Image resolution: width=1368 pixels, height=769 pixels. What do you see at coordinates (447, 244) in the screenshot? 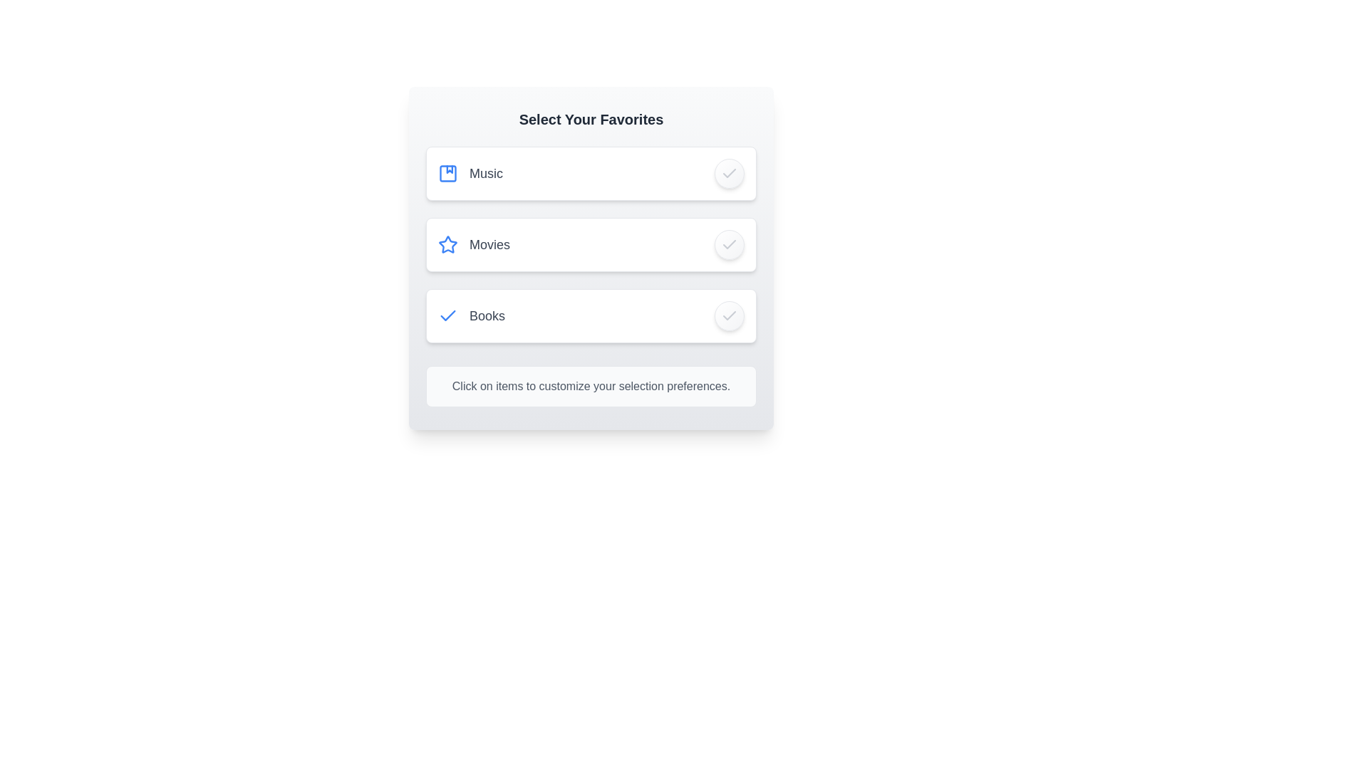
I see `the visual representation of the 'Movies' icon in the 'Select Your Favorites' interface, which is the second icon in the vertical list` at bounding box center [447, 244].